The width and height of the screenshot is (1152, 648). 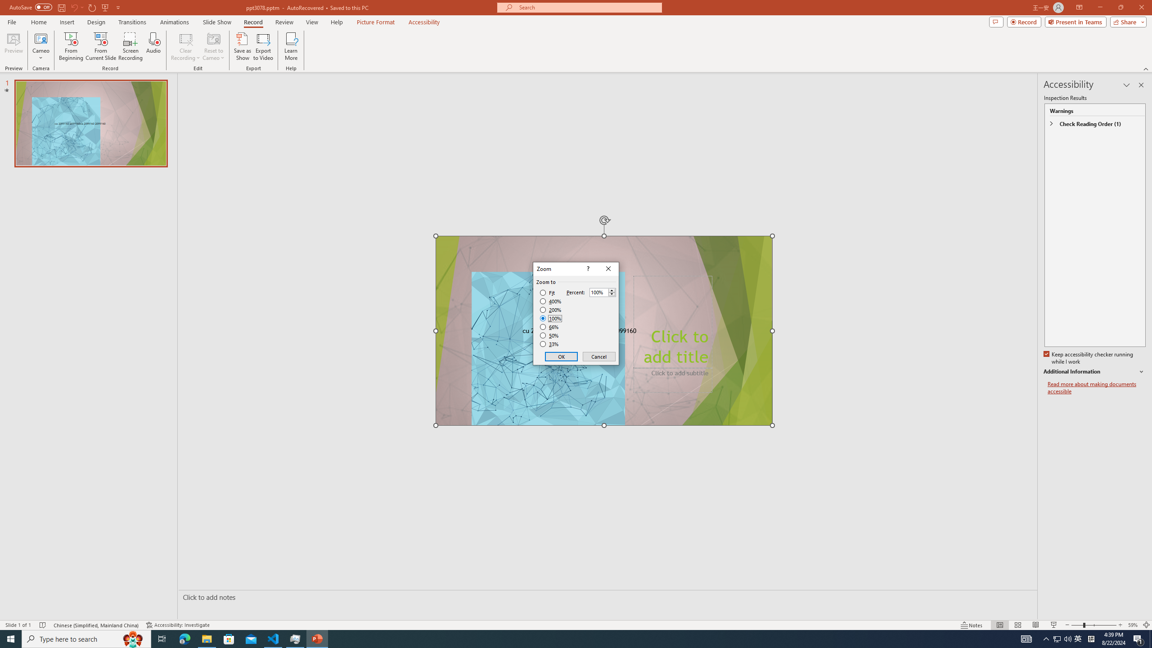 I want to click on '33%', so click(x=550, y=344).